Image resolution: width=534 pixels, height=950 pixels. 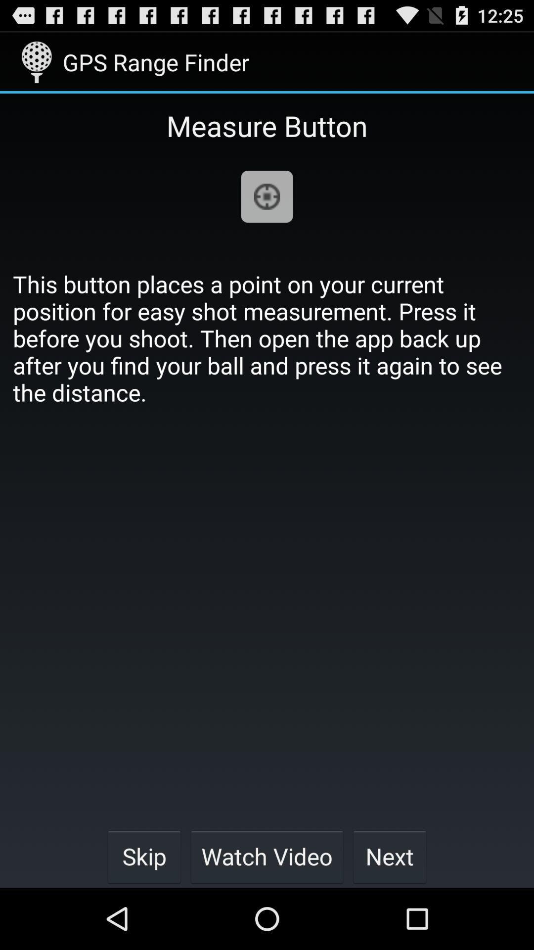 I want to click on next item, so click(x=389, y=856).